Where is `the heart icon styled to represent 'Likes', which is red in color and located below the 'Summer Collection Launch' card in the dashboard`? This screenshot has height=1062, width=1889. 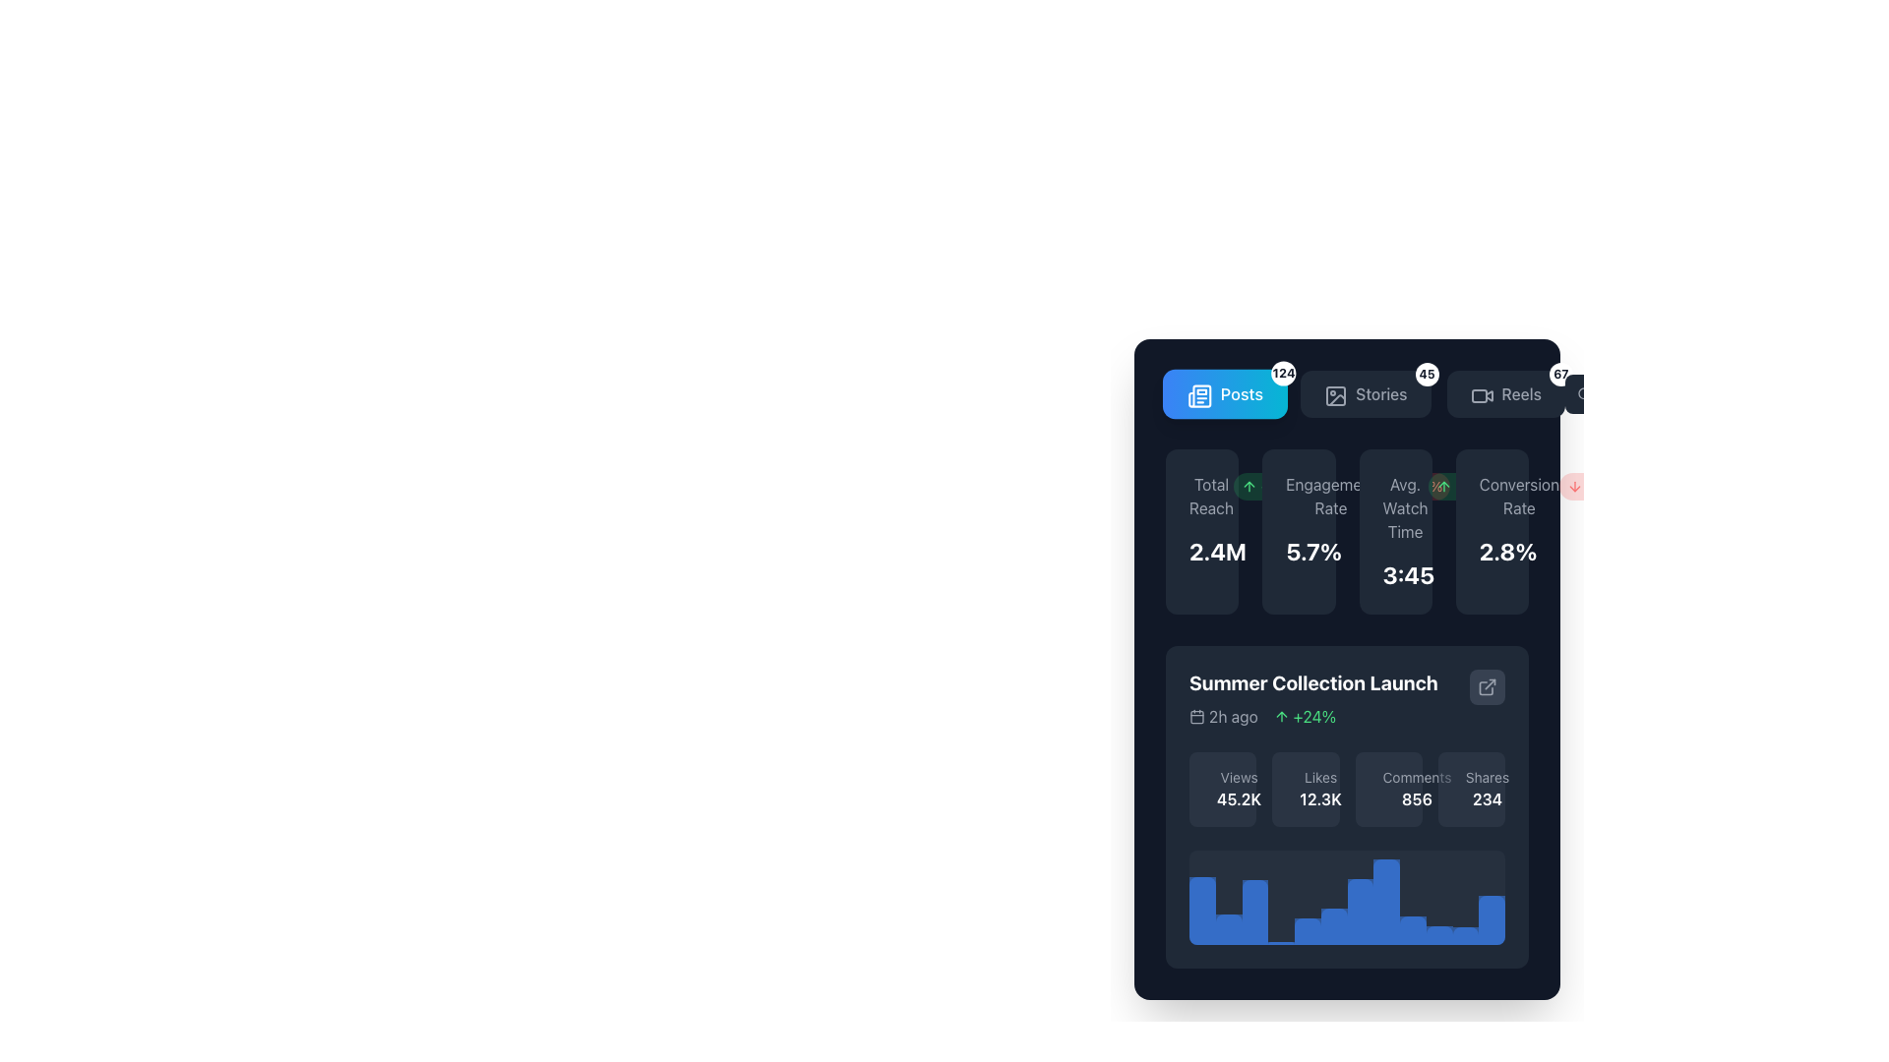 the heart icon styled to represent 'Likes', which is red in color and located below the 'Summer Collection Launch' card in the dashboard is located at coordinates (1300, 791).